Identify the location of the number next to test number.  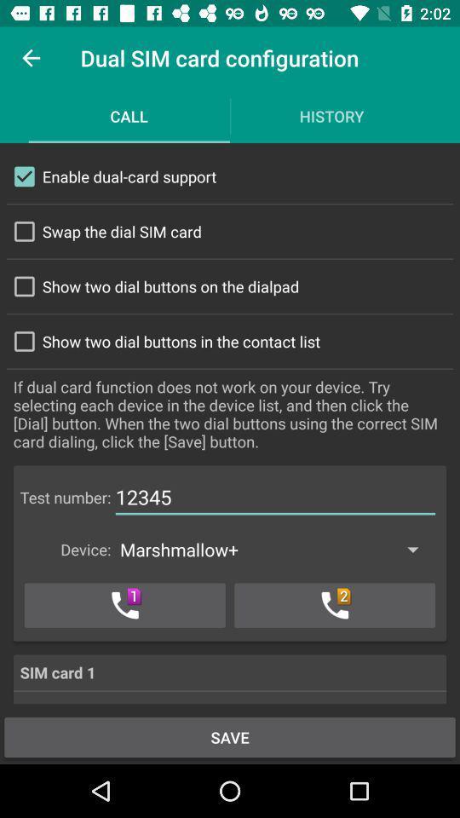
(275, 497).